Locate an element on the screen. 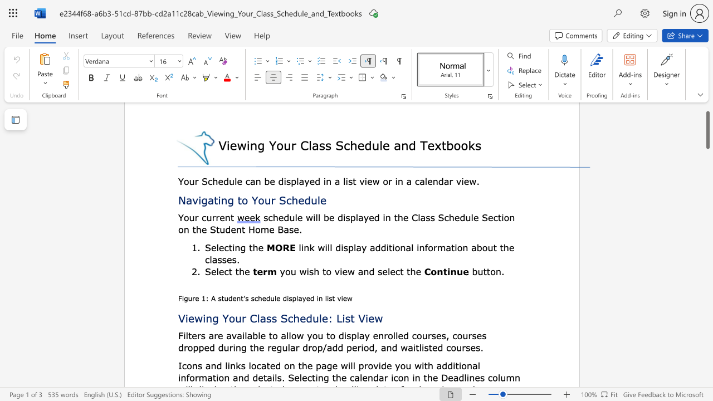  the scrollbar and move down 2100 pixels is located at coordinates (707, 129).